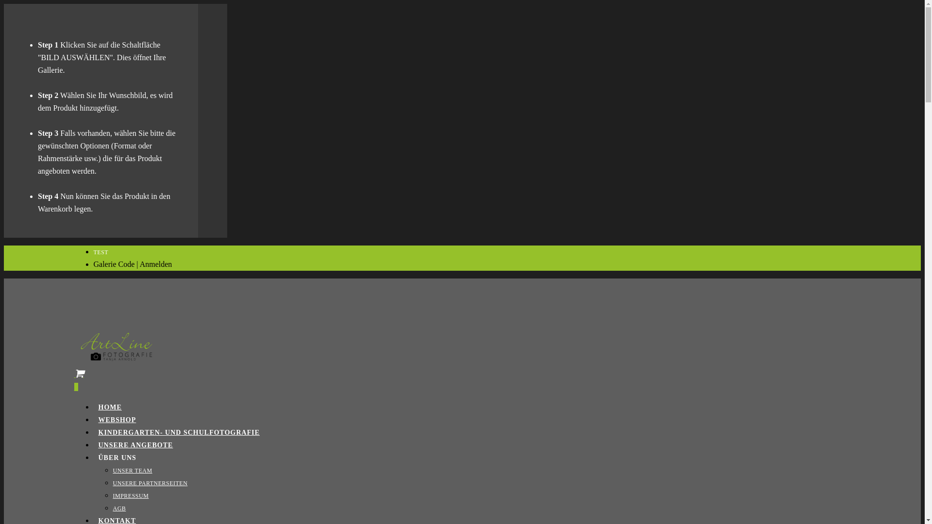  I want to click on 'TEST', so click(100, 252).